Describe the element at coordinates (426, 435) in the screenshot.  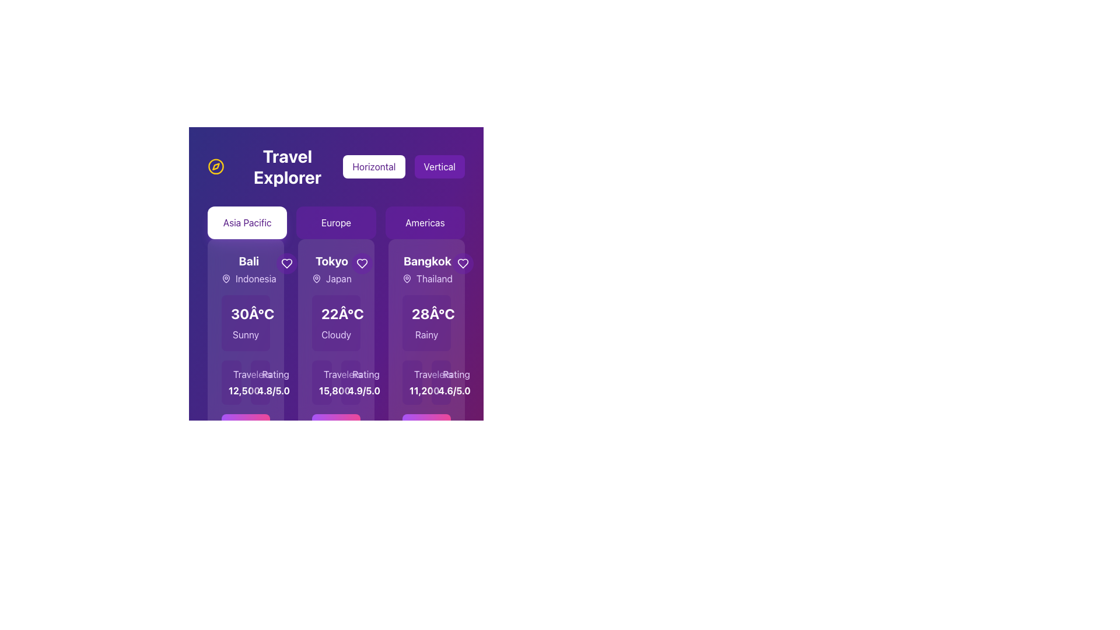
I see `the 'Explore Destination' button with a gradient background located at the bottom of the Bangkok, Thailand card` at that location.